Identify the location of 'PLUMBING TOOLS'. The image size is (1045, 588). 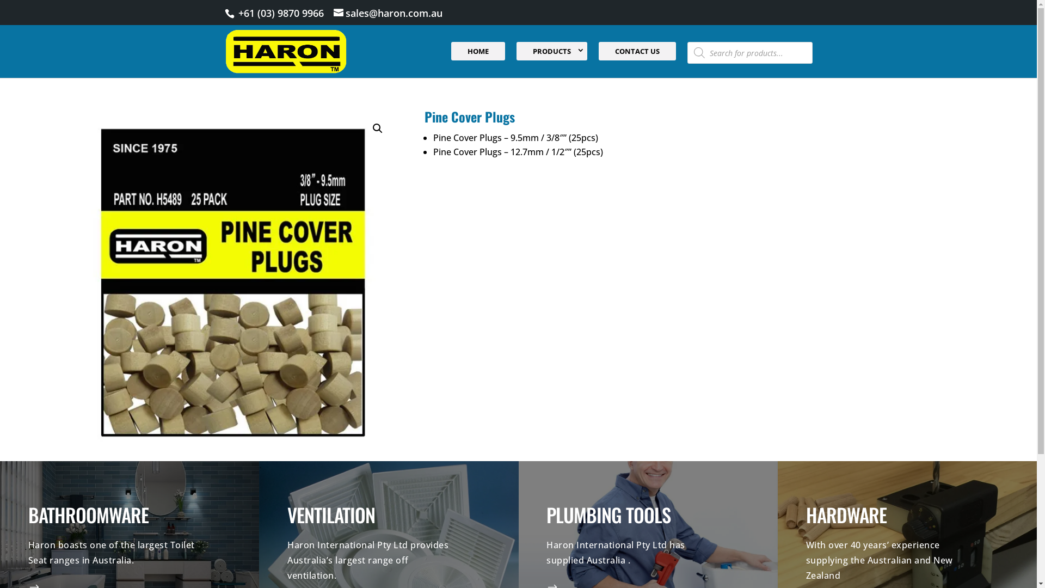
(608, 514).